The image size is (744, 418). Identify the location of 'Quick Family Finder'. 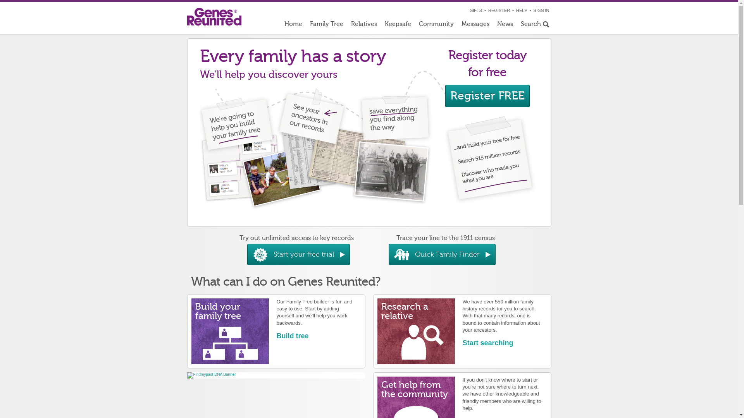
(442, 254).